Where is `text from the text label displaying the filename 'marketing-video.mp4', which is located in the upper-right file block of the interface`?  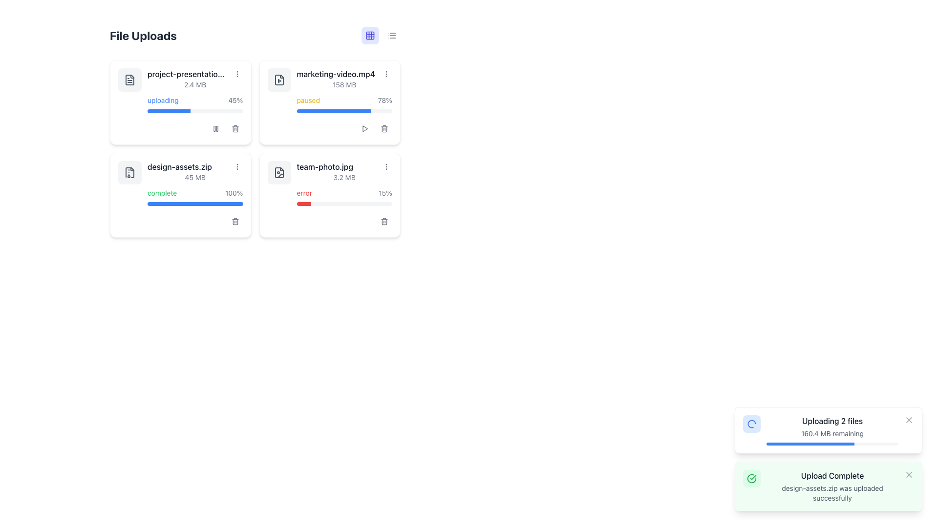 text from the text label displaying the filename 'marketing-video.mp4', which is located in the upper-right file block of the interface is located at coordinates (336, 73).